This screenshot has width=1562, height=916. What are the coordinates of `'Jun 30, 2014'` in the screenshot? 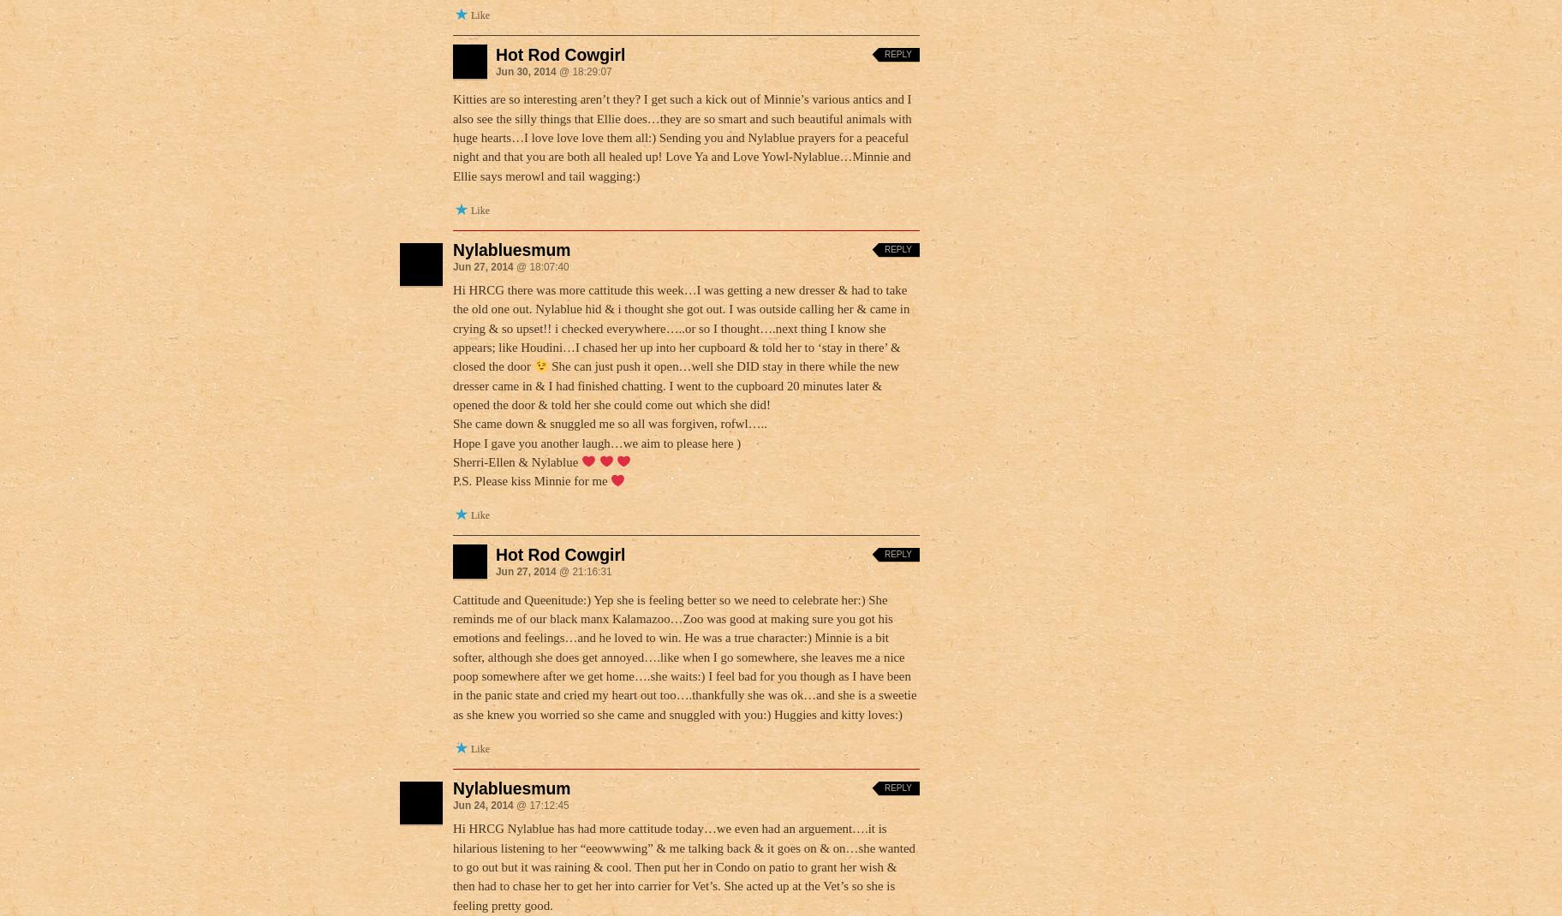 It's located at (494, 70).